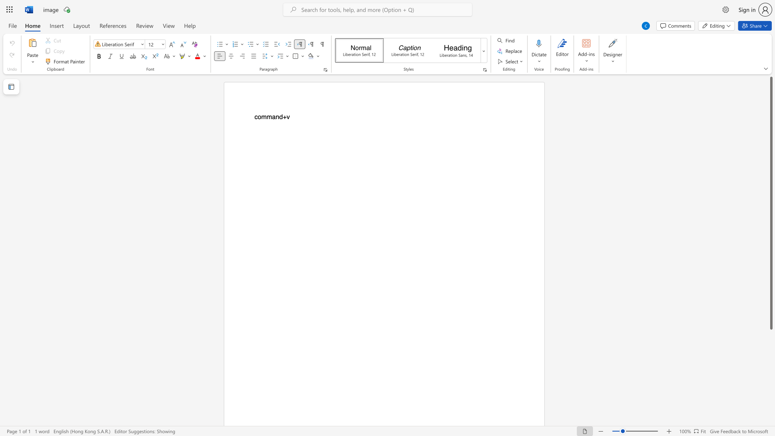 The height and width of the screenshot is (436, 775). I want to click on the scrollbar to scroll downward, so click(771, 423).